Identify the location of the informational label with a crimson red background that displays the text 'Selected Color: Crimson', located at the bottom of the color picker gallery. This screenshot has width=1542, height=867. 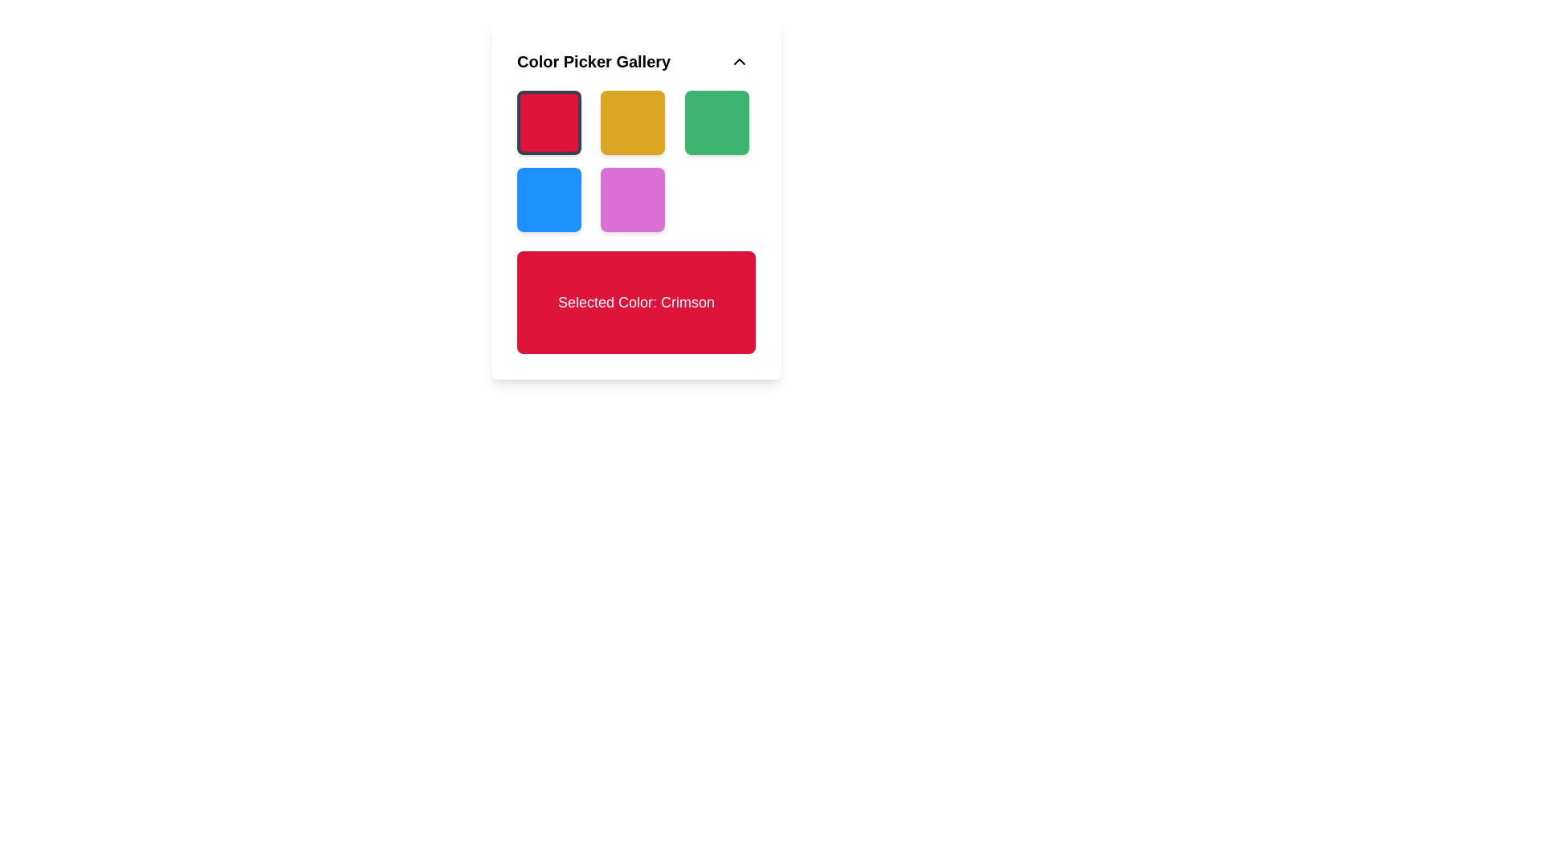
(635, 303).